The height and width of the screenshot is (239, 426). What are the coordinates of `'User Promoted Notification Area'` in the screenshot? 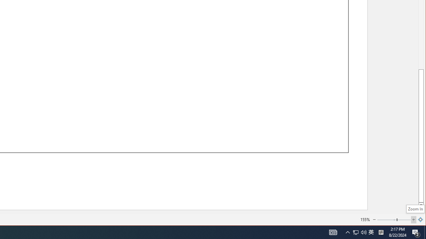 It's located at (371, 232).